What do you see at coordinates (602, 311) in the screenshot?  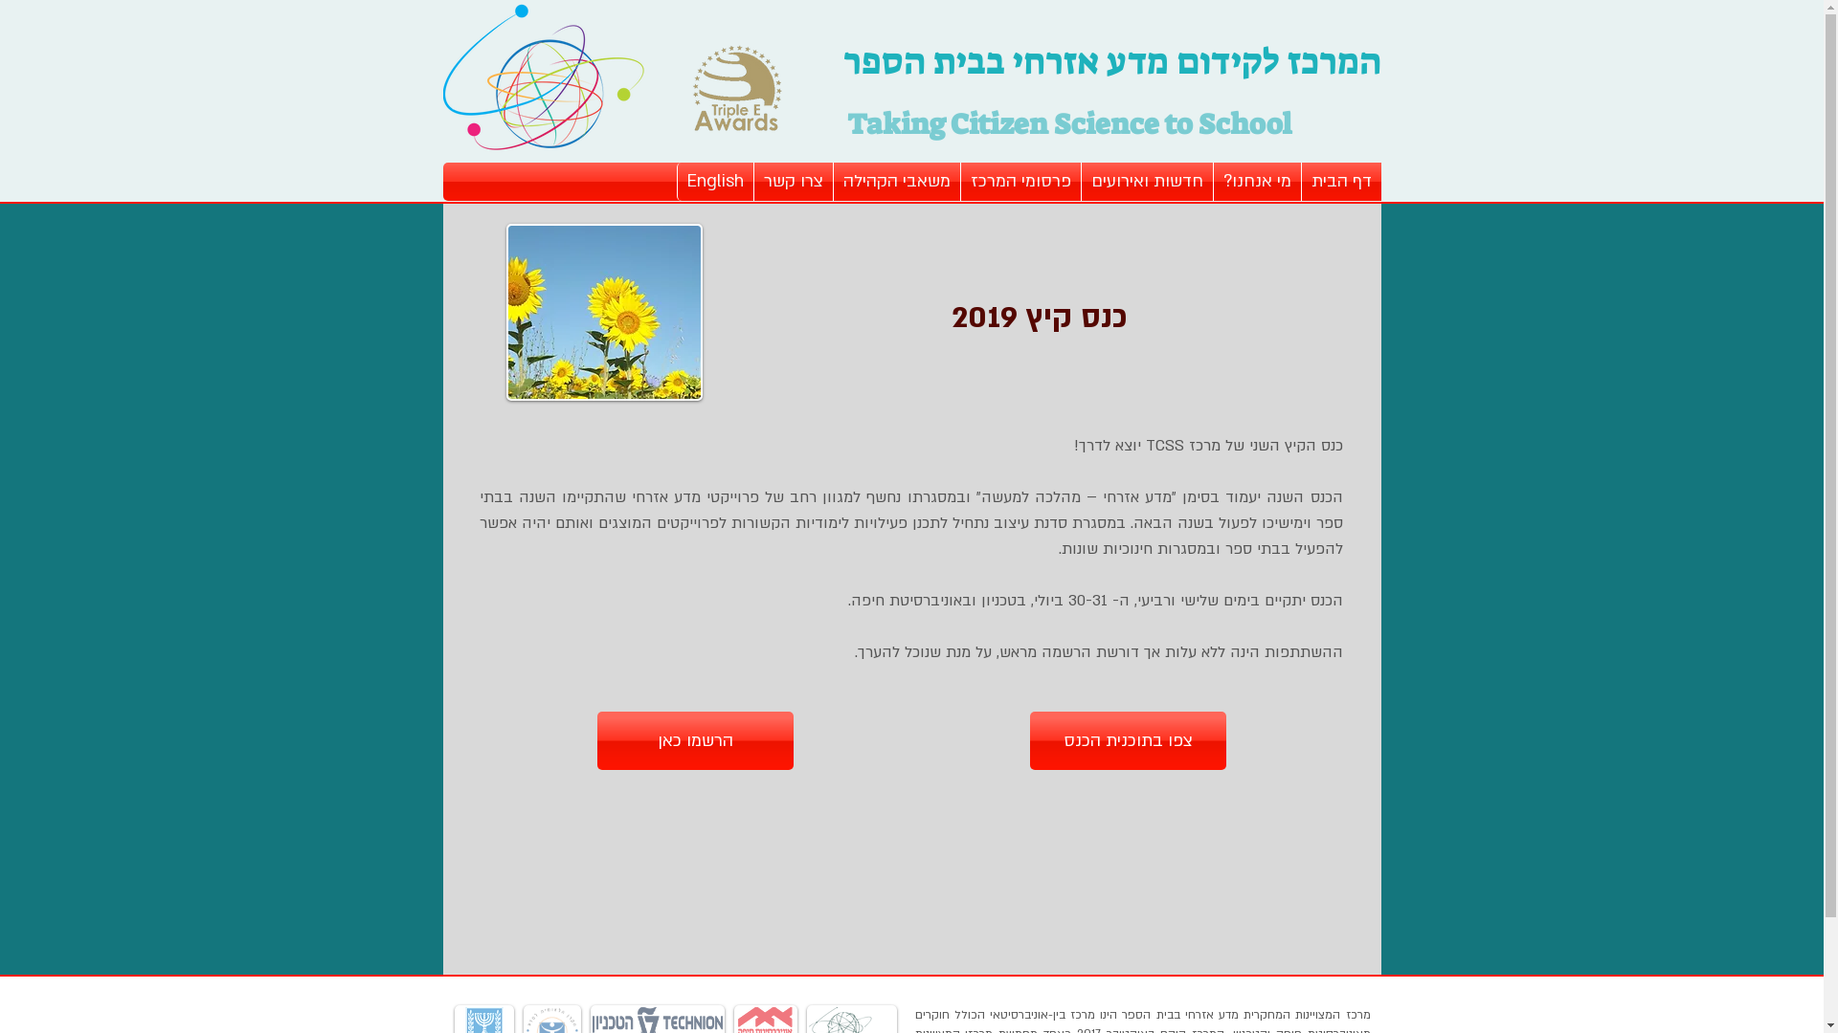 I see `'summer-1023065_960_720.jpg'` at bounding box center [602, 311].